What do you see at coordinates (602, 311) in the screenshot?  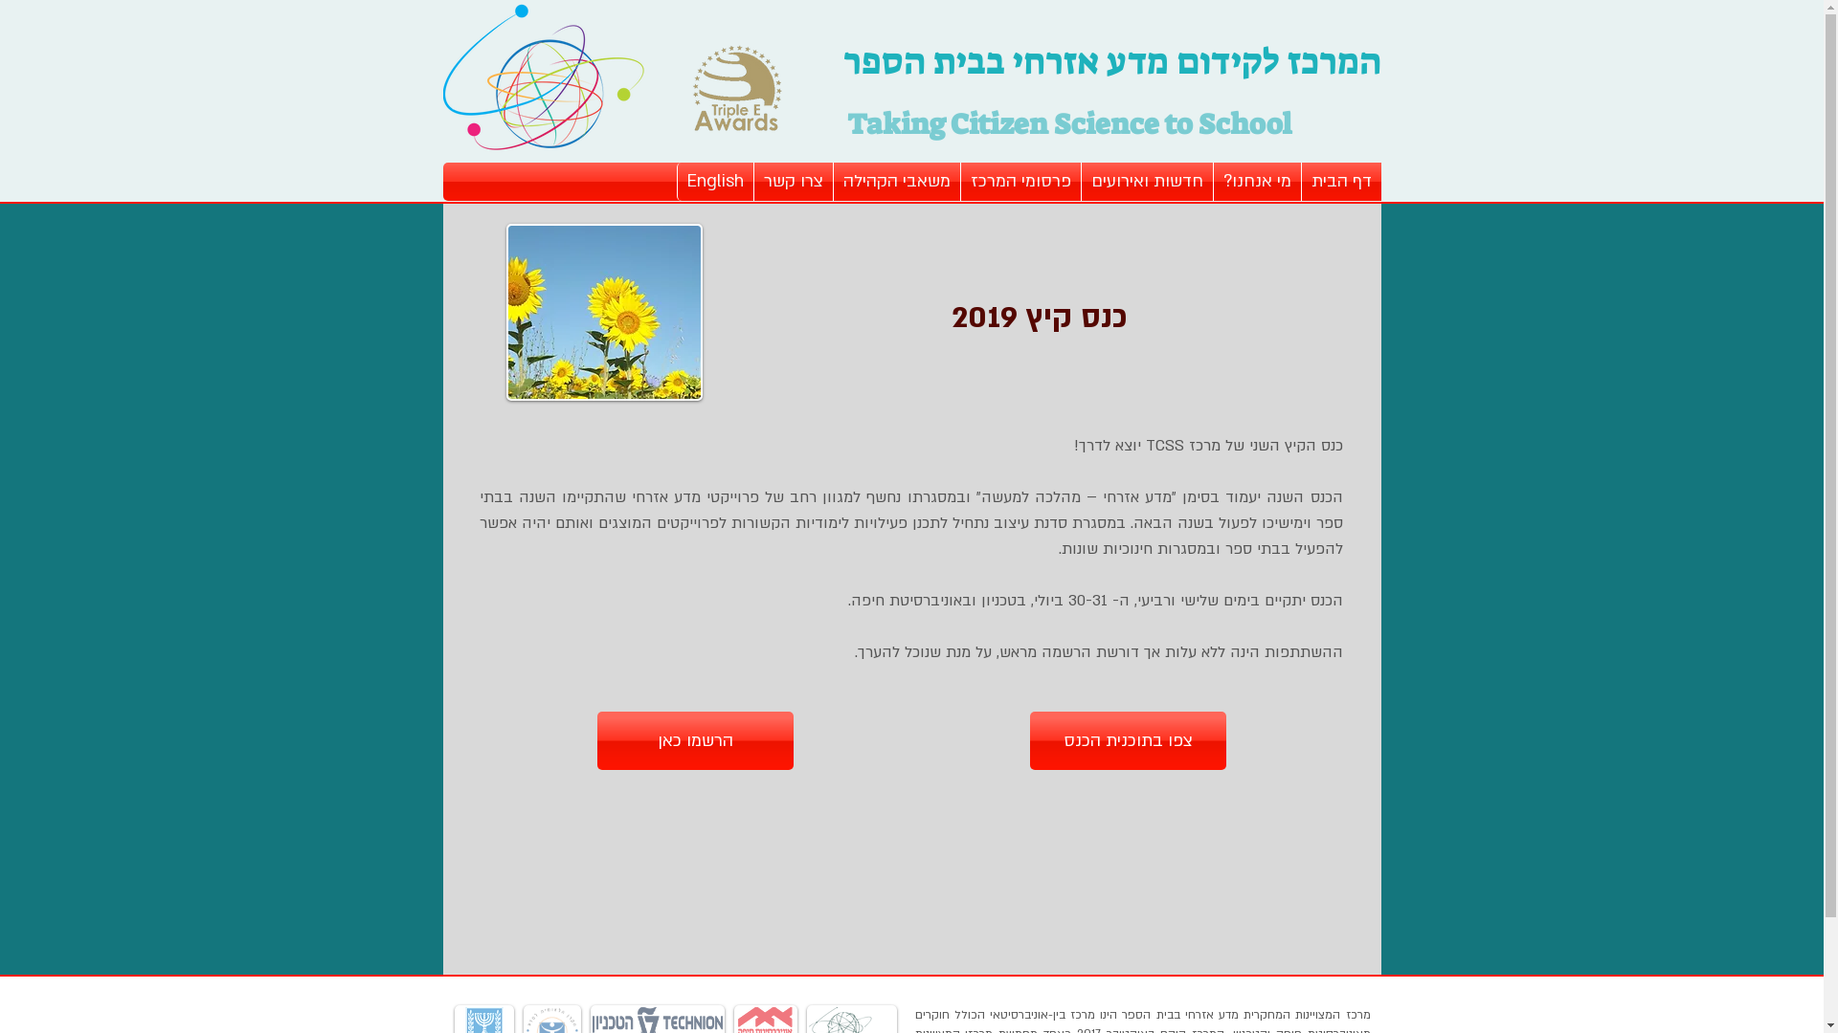 I see `'summer-1023065_960_720.jpg'` at bounding box center [602, 311].